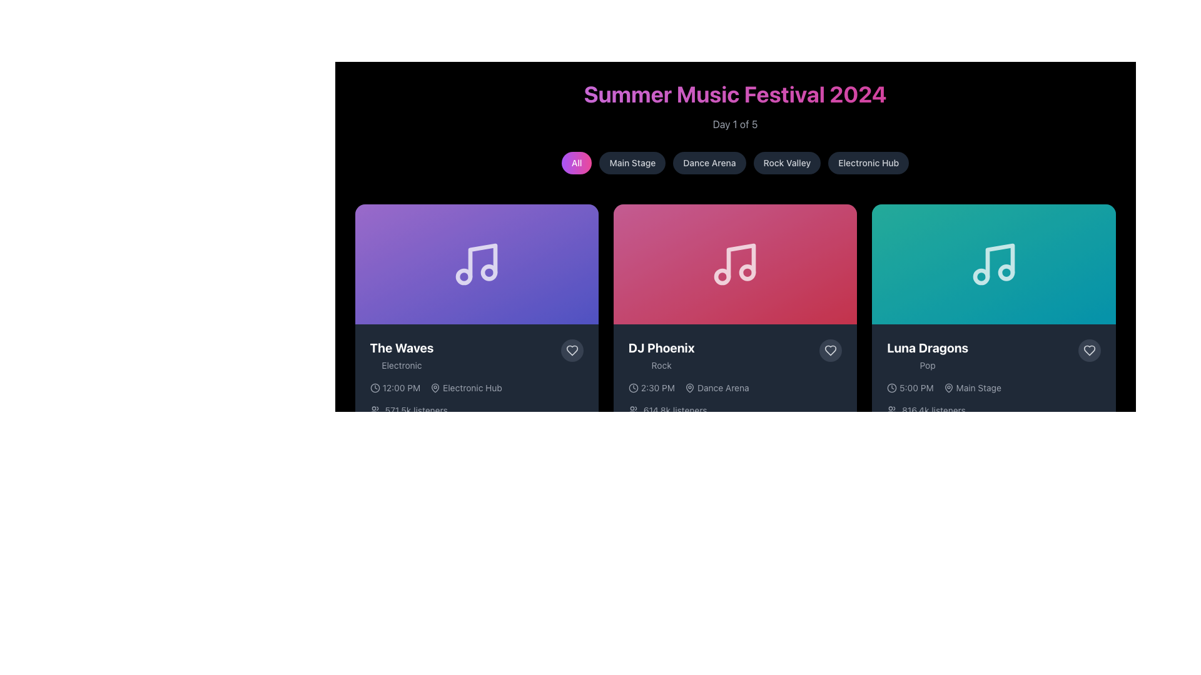 This screenshot has width=1201, height=675. I want to click on the text element displaying '5:00 PM' and 'Main Stage' located in the bottom section of the card labeled 'Luna Dragons', so click(993, 387).